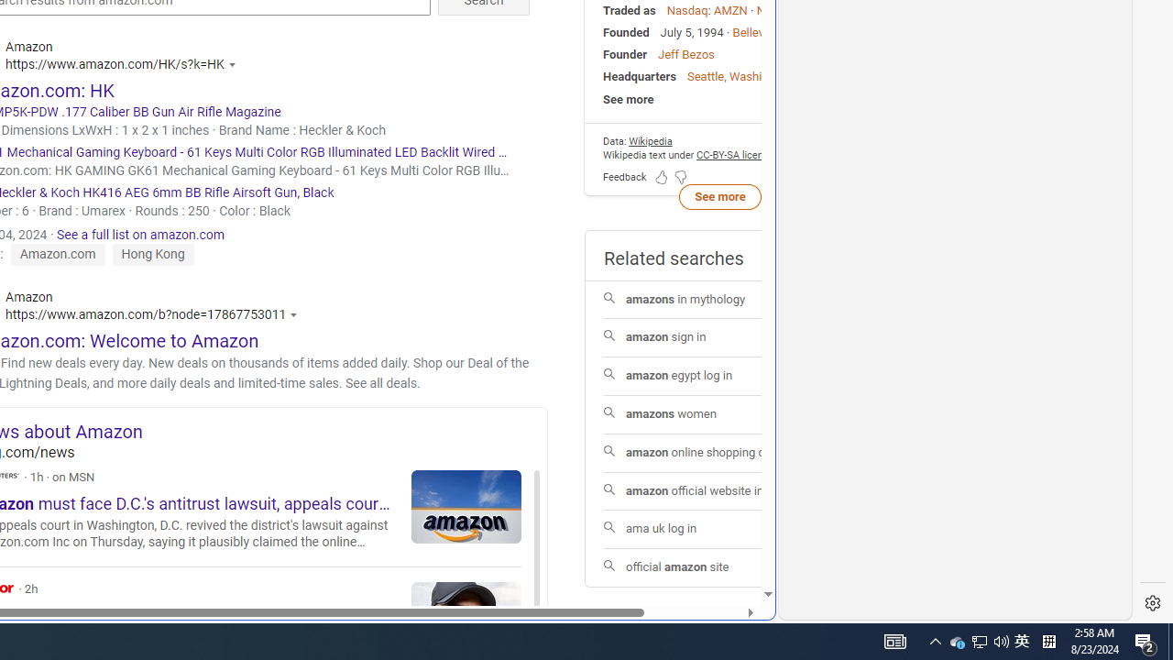  Describe the element at coordinates (735, 154) in the screenshot. I see `'CC-BY-SA license'` at that location.